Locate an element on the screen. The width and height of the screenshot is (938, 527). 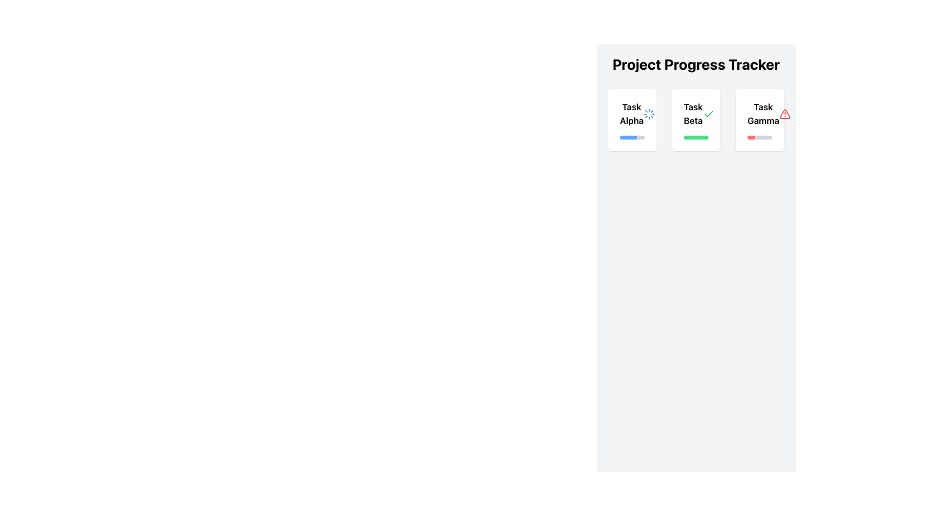
the middle task card labeled 'Task Beta' in the grid layout under the header 'Project Progress Tracker' is located at coordinates (696, 120).